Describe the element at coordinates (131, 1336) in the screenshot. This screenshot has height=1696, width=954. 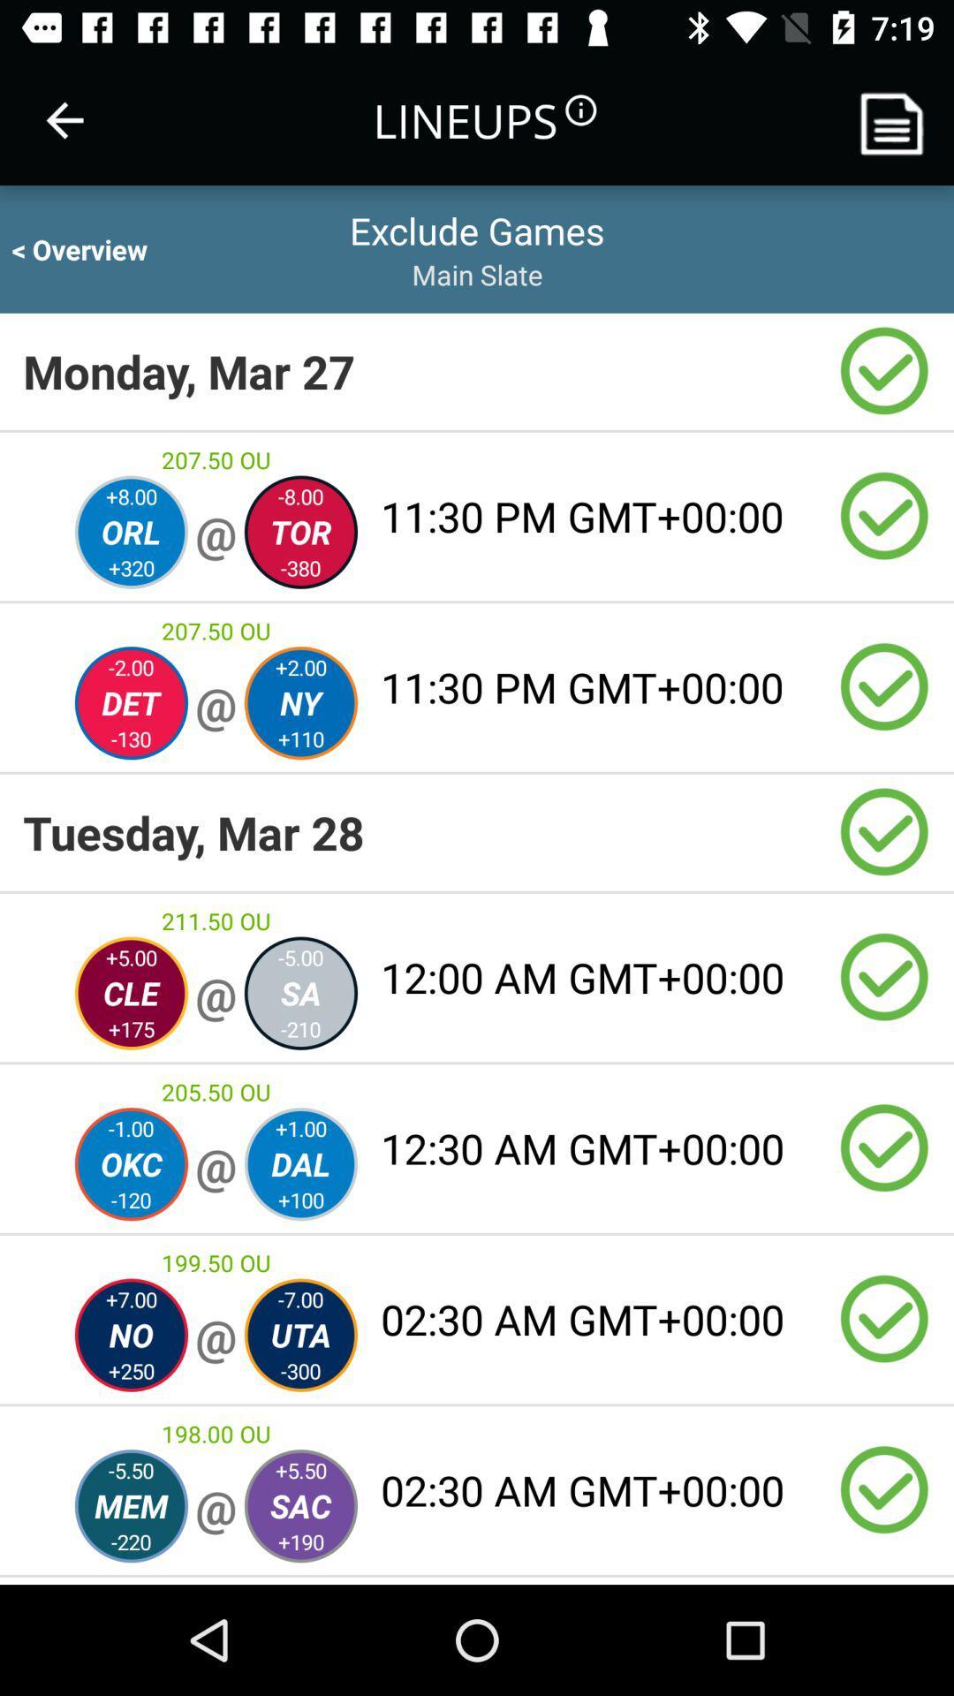
I see `the left circle which is below the 19950 ou` at that location.